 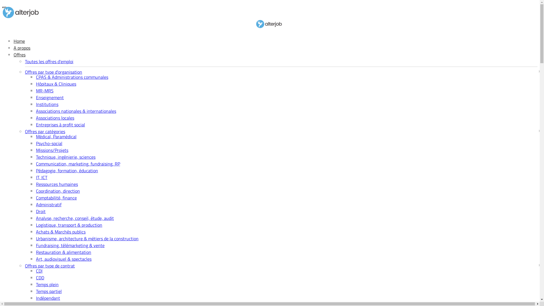 I want to click on 'Administratif', so click(x=49, y=204).